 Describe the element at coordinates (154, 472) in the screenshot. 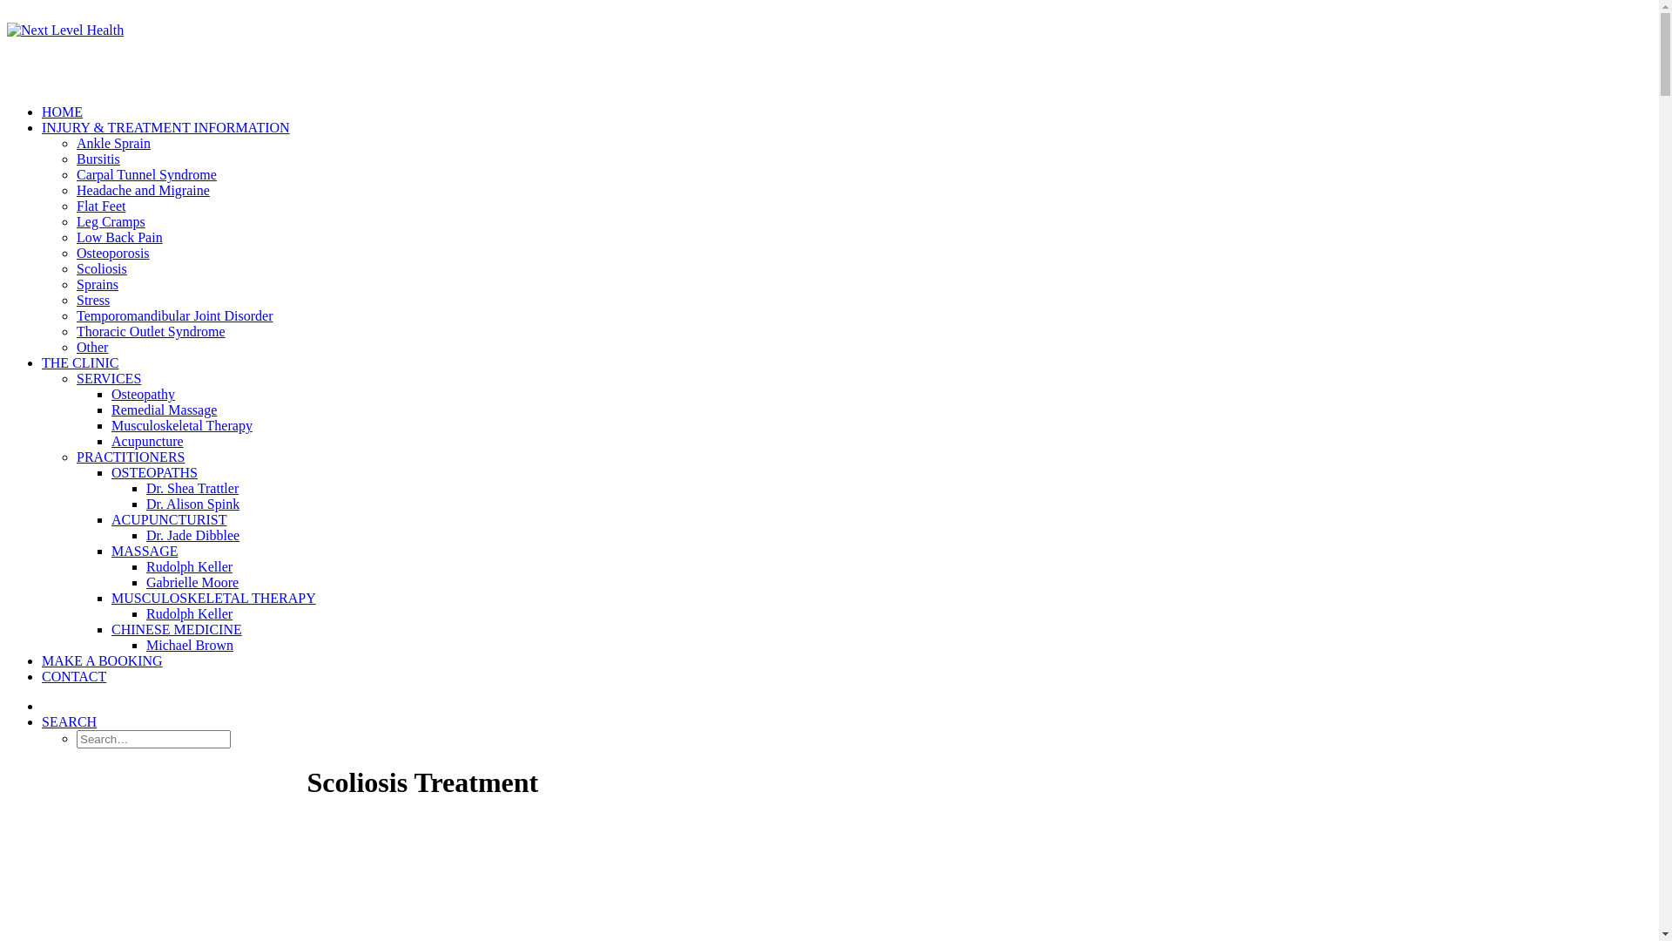

I see `'OSTEOPATHS'` at that location.